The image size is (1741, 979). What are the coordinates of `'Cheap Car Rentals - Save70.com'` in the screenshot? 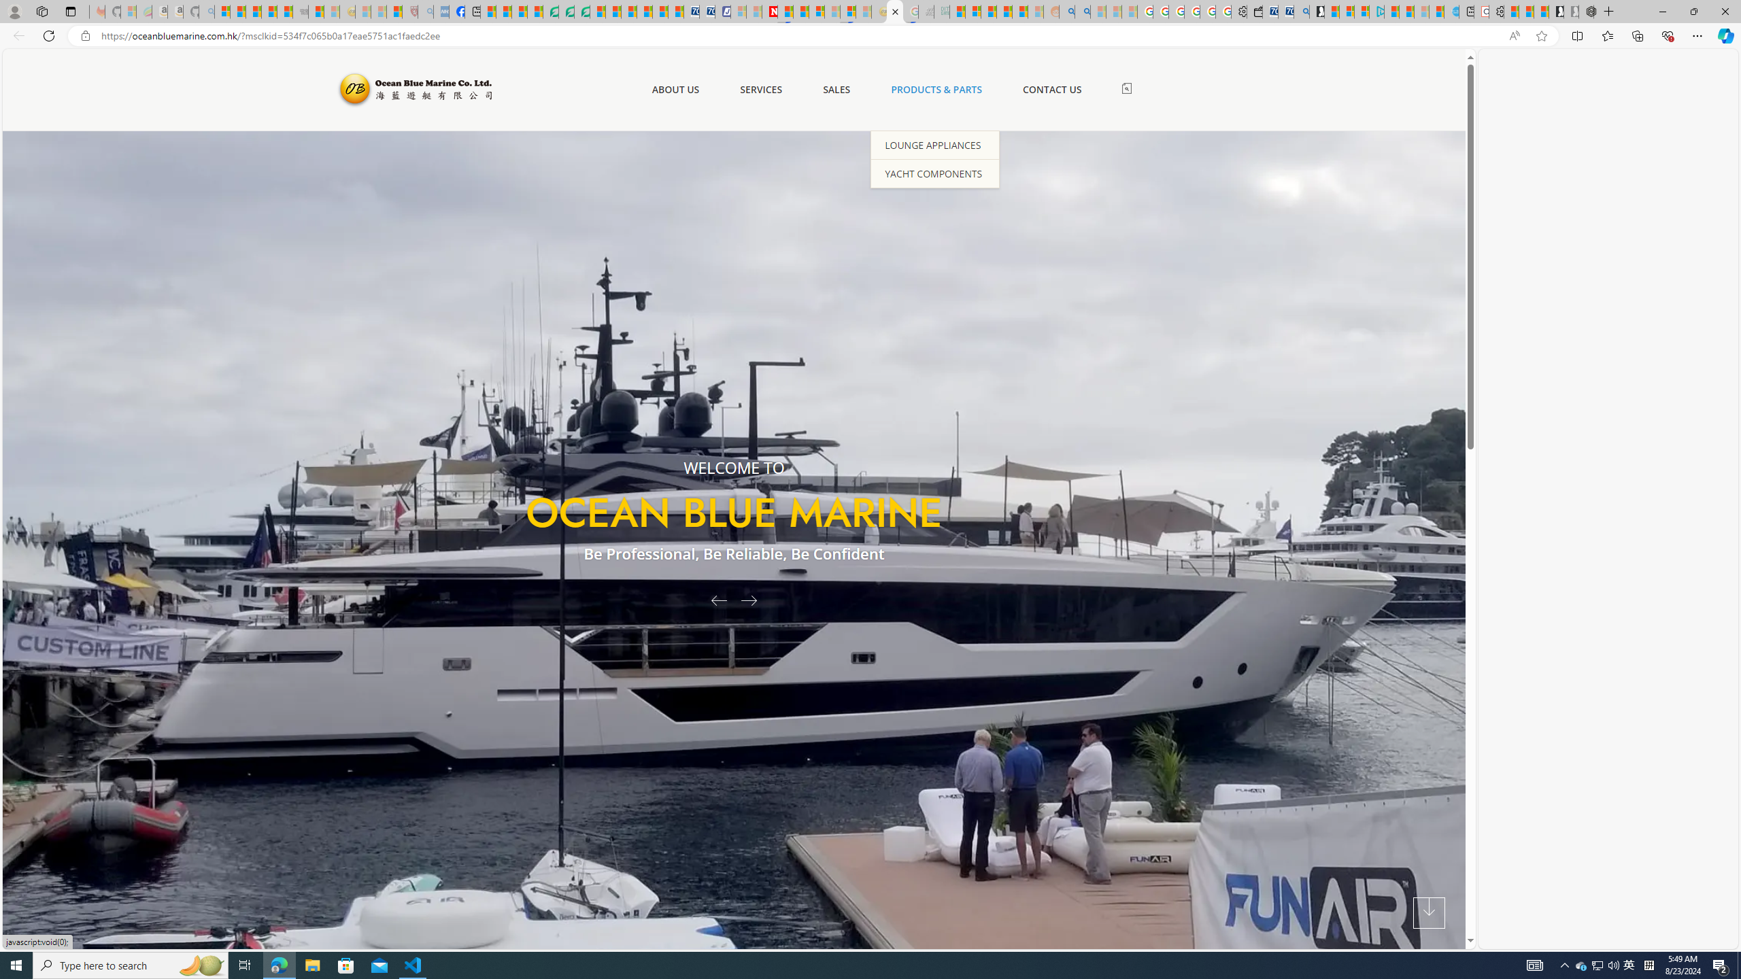 It's located at (1285, 11).